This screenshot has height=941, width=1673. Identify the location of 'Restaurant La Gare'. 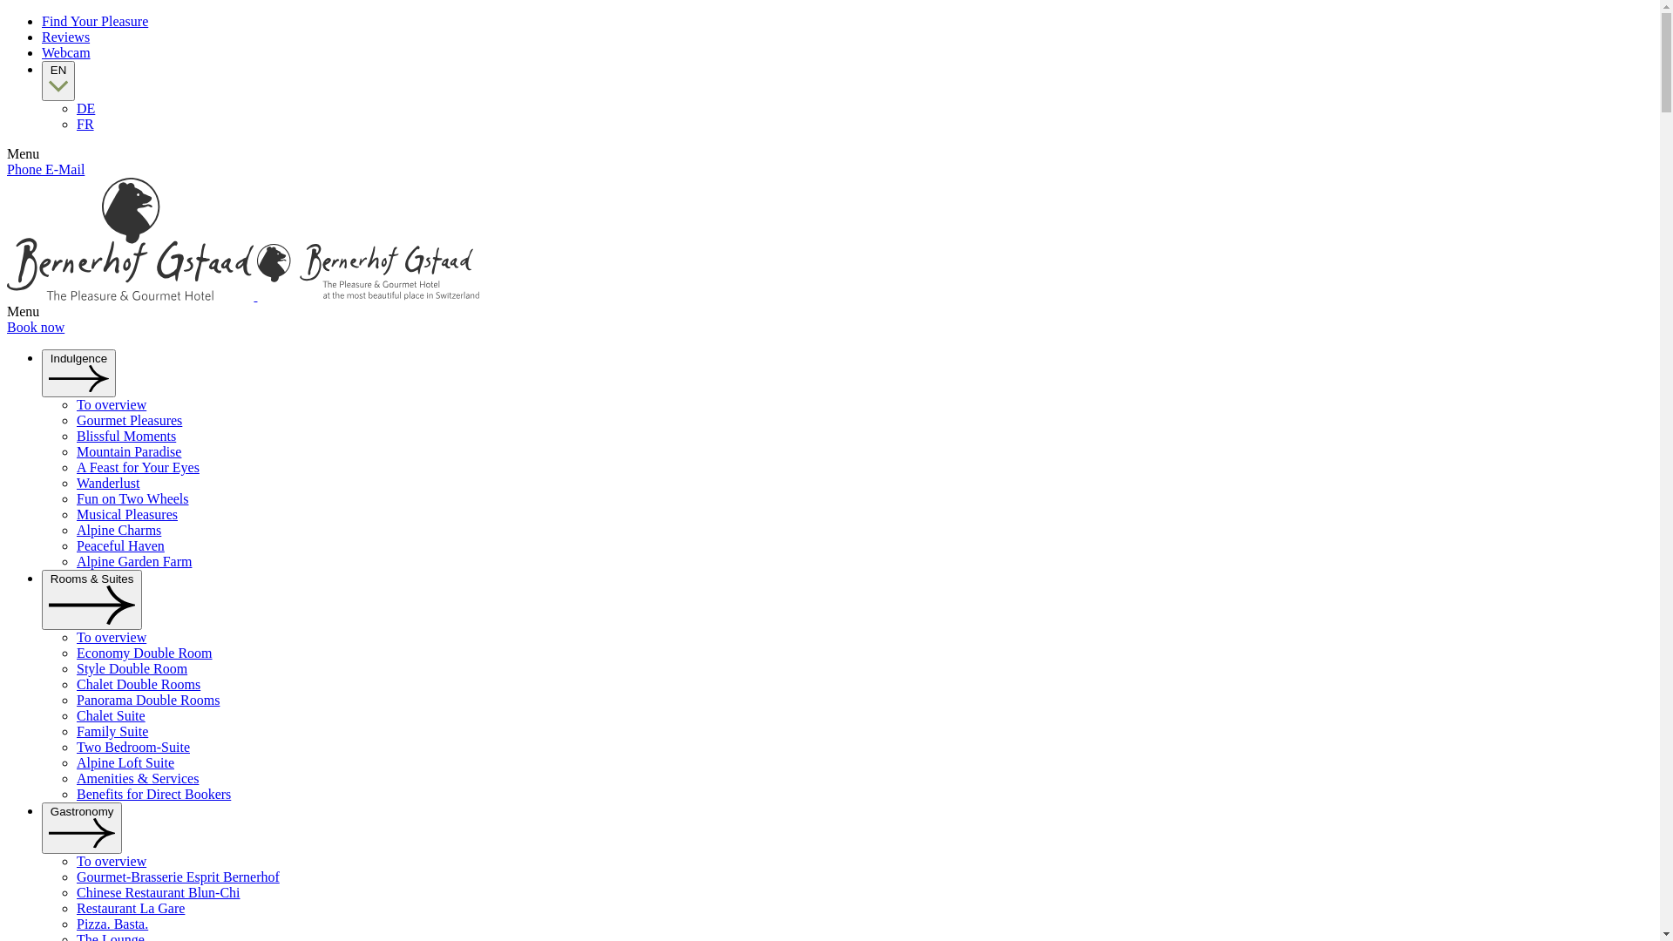
(75, 907).